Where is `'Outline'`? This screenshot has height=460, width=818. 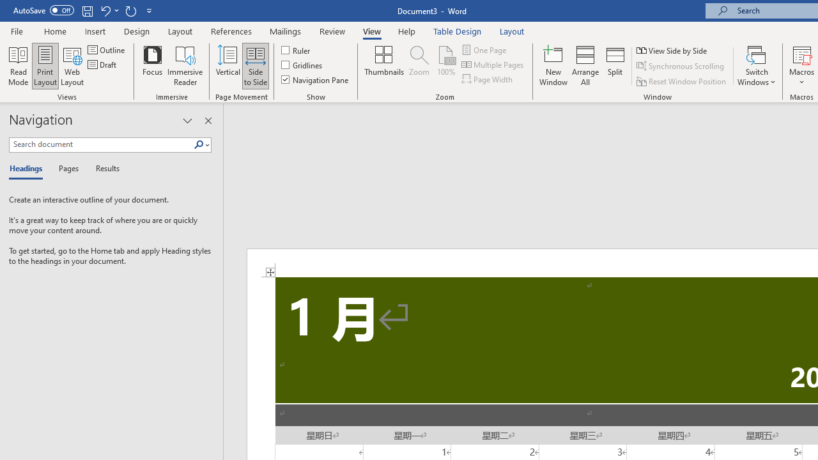
'Outline' is located at coordinates (107, 49).